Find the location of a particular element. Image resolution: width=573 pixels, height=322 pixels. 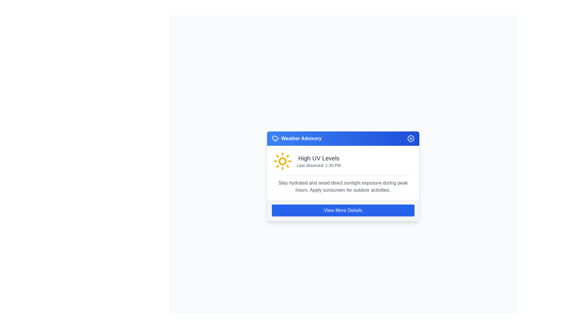

the button located at the top-right corner of the 'Weather Advisory' notification is located at coordinates (410, 138).